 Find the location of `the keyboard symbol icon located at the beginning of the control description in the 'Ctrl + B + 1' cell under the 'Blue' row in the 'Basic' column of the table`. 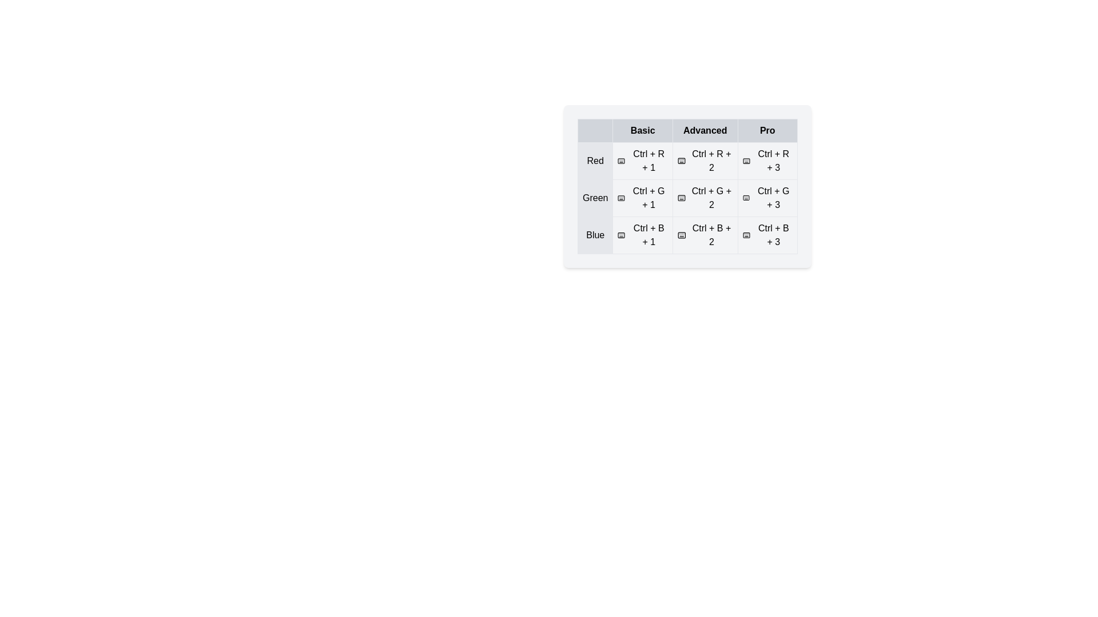

the keyboard symbol icon located at the beginning of the control description in the 'Ctrl + B + 1' cell under the 'Blue' row in the 'Basic' column of the table is located at coordinates (621, 235).